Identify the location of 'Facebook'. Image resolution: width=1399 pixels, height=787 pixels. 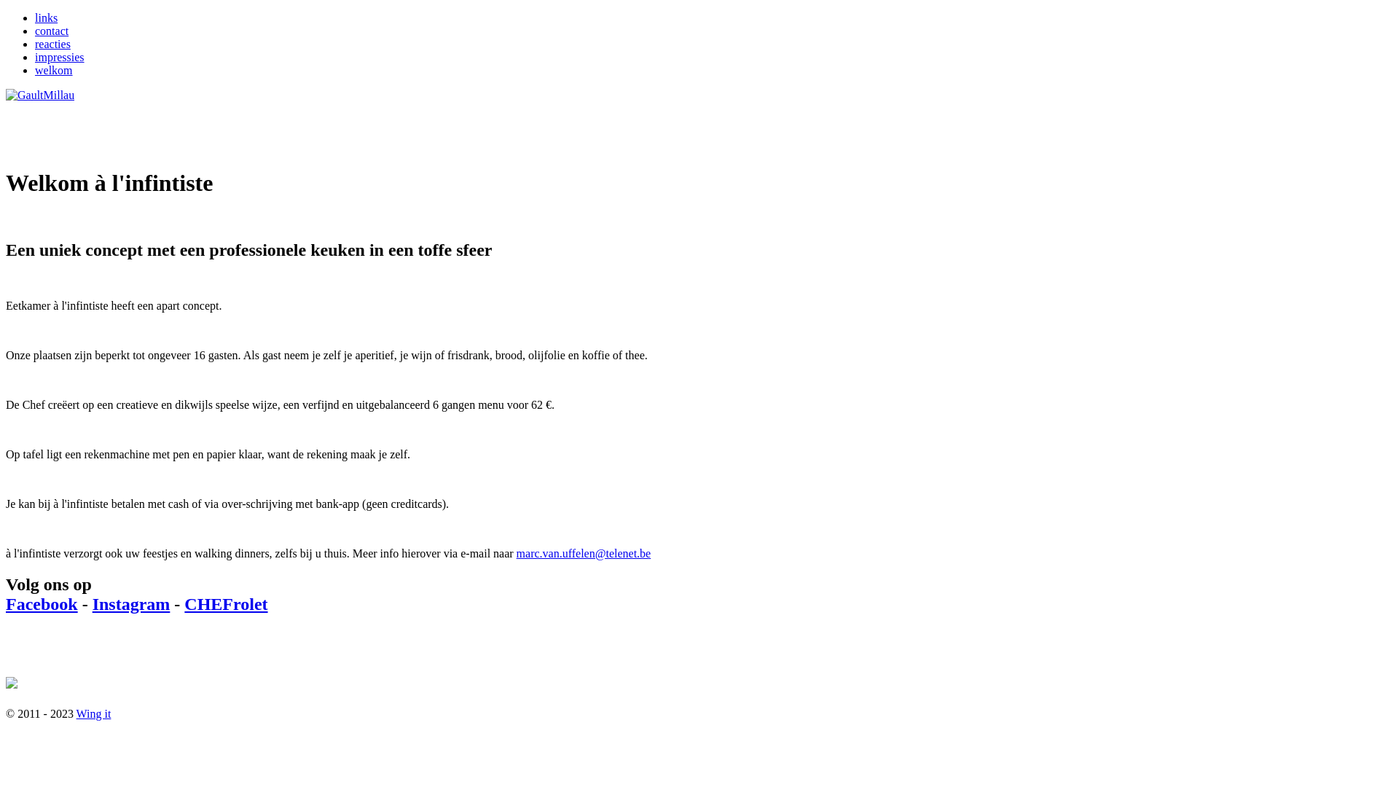
(42, 604).